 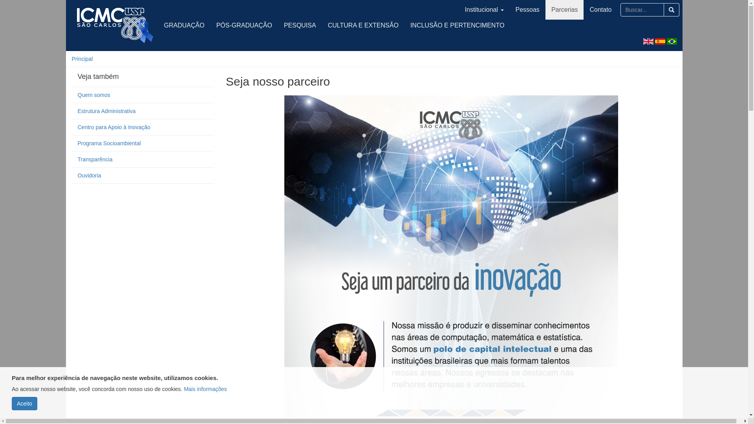 I want to click on 'Programa Socioambiental', so click(x=143, y=143).